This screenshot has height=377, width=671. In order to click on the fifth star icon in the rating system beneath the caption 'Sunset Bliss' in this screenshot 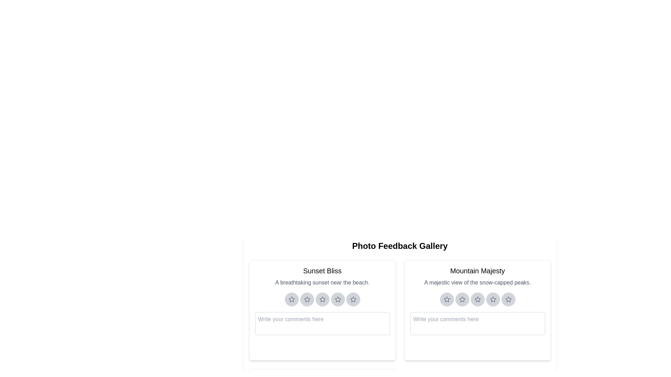, I will do `click(353, 299)`.